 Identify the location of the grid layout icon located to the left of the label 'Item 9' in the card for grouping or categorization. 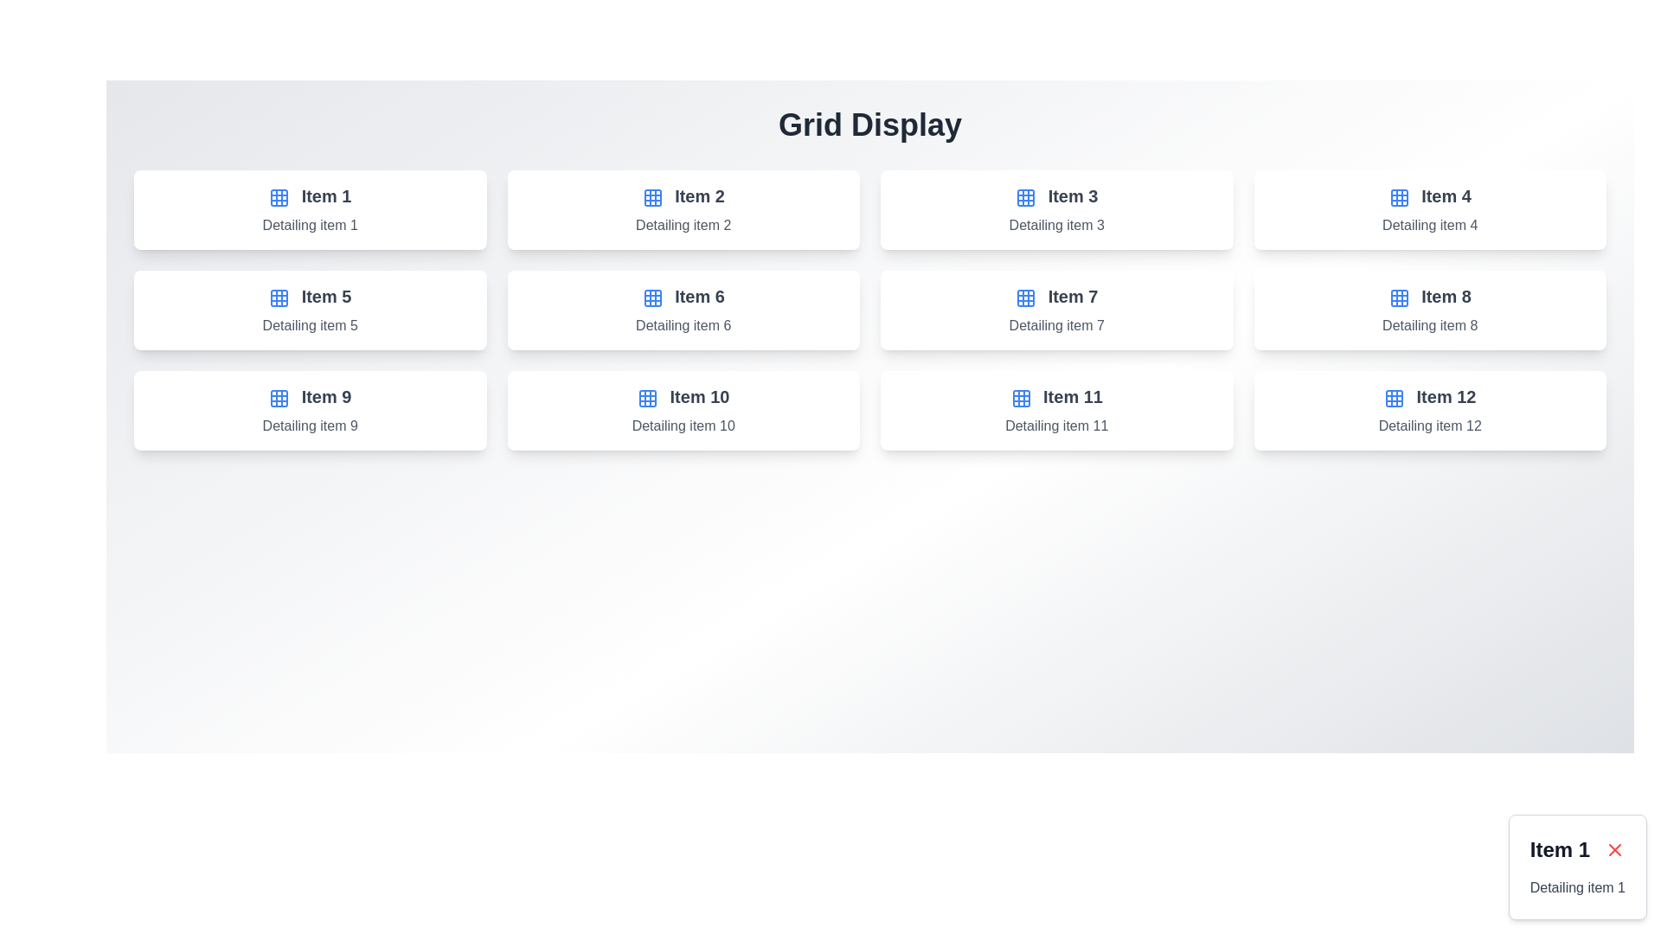
(279, 398).